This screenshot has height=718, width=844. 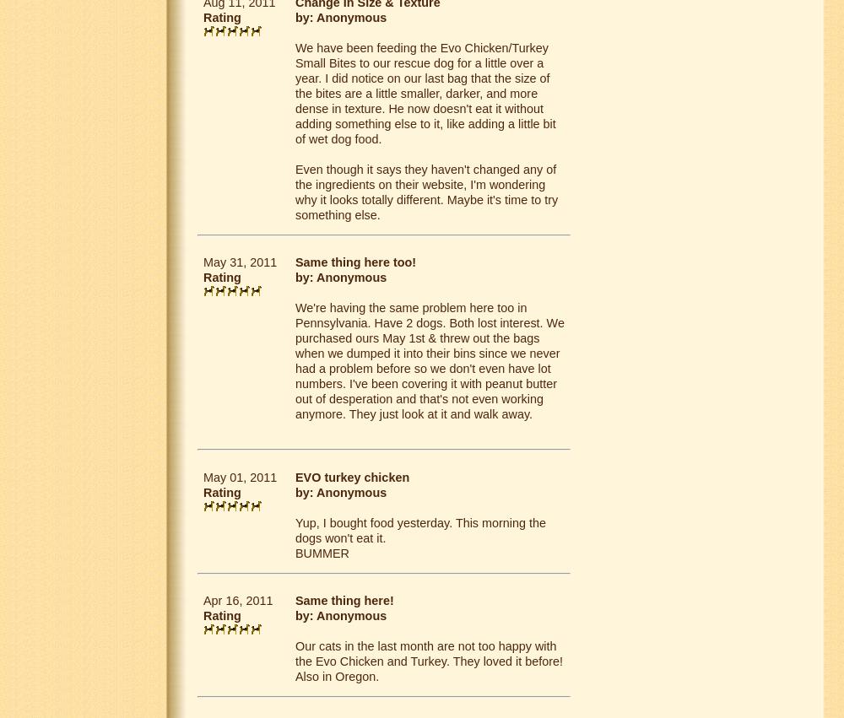 What do you see at coordinates (352, 475) in the screenshot?
I see `'EVO turkey chicken'` at bounding box center [352, 475].